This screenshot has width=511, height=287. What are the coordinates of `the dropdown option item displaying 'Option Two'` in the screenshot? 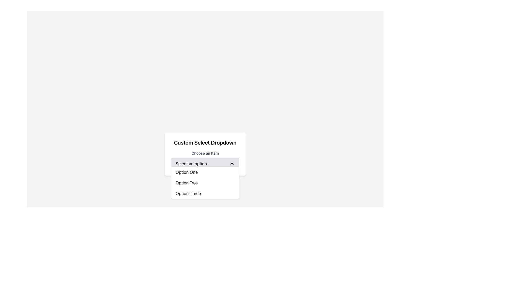 It's located at (205, 182).